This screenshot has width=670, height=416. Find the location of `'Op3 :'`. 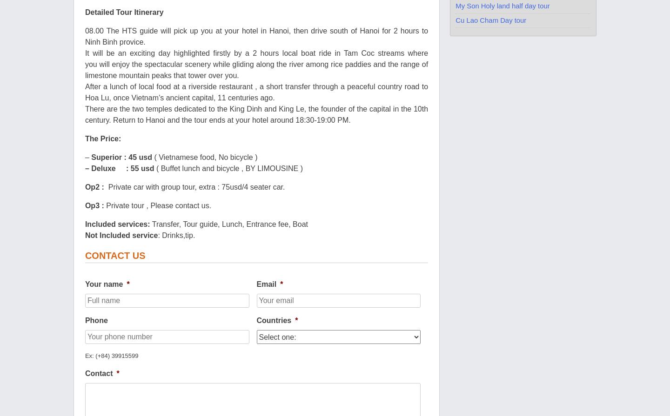

'Op3 :' is located at coordinates (95, 205).